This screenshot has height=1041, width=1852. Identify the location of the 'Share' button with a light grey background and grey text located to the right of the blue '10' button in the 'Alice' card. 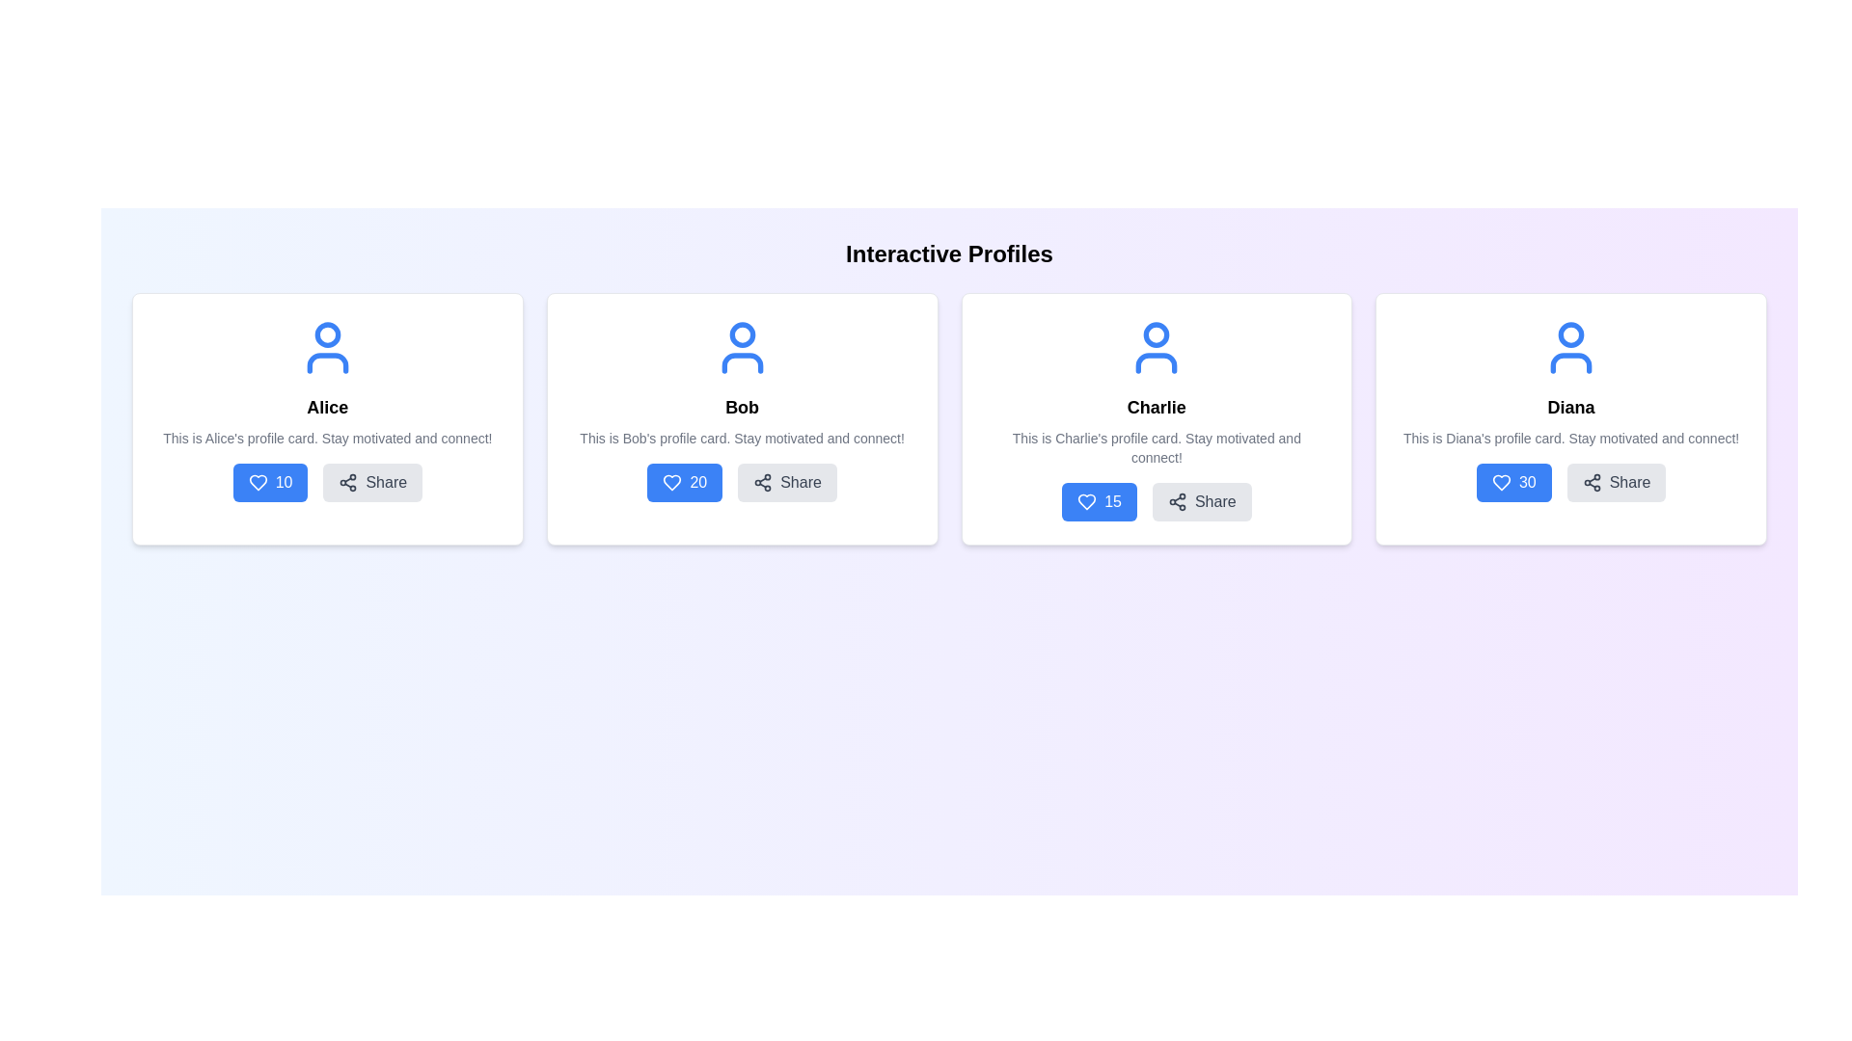
(327, 482).